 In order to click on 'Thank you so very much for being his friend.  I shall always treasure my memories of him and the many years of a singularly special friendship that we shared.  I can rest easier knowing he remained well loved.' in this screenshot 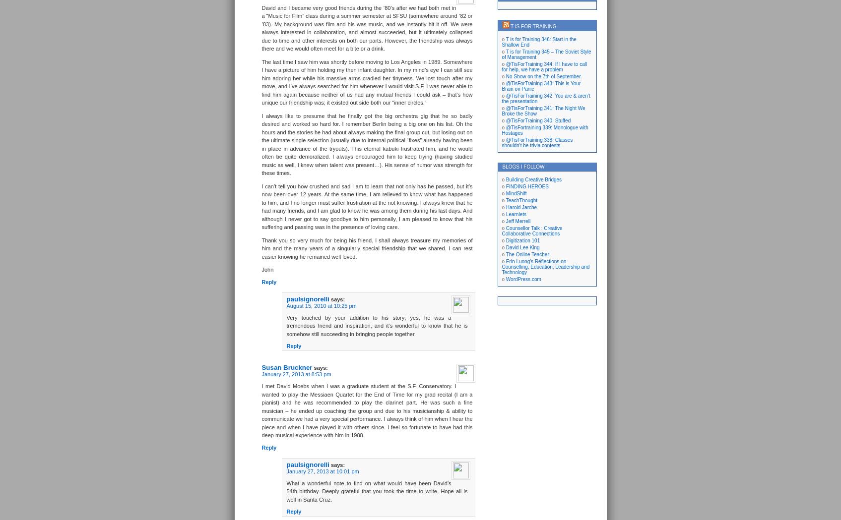, I will do `click(366, 247)`.